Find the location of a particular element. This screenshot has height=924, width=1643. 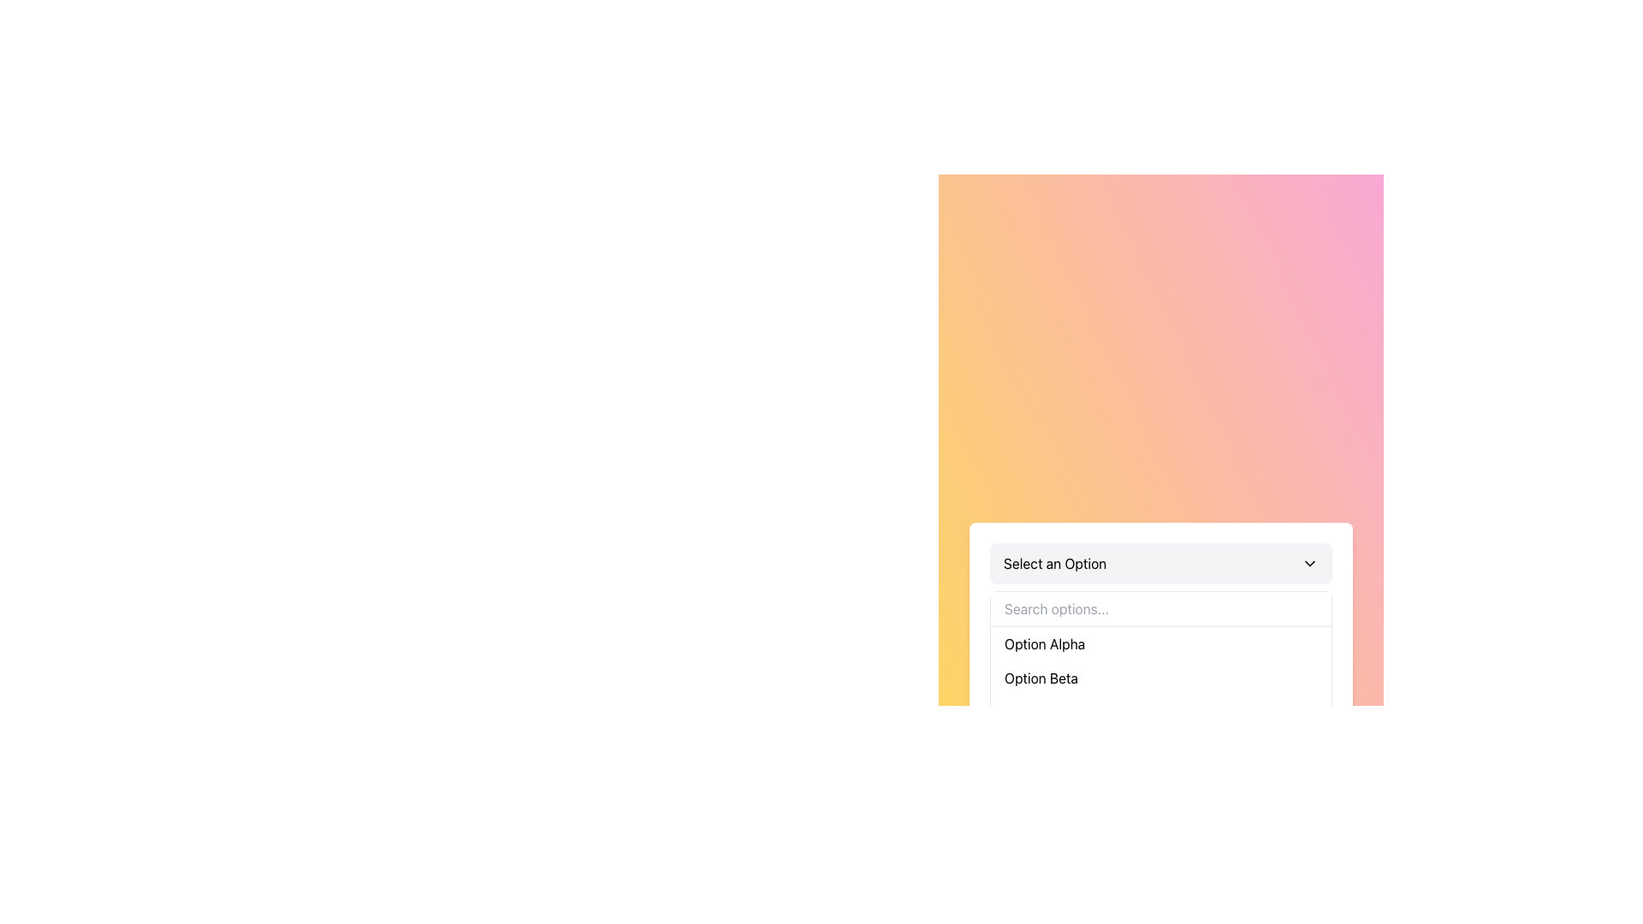

the second item is located at coordinates (1041, 677).